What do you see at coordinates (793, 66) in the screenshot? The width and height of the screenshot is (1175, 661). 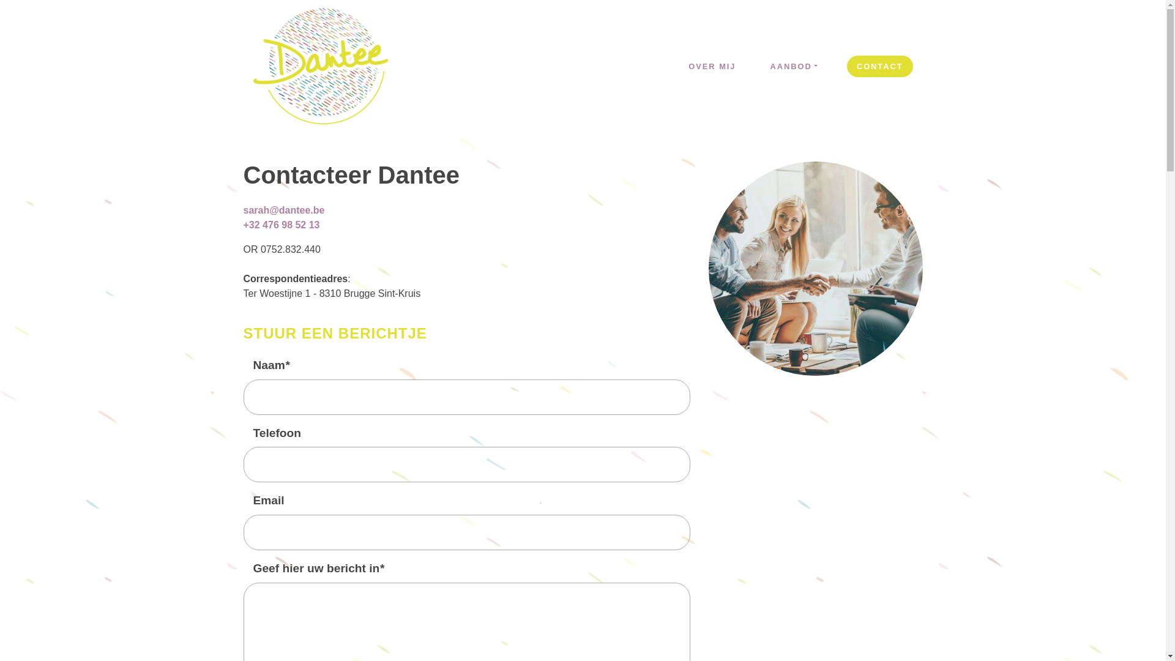 I see `'AANBOD'` at bounding box center [793, 66].